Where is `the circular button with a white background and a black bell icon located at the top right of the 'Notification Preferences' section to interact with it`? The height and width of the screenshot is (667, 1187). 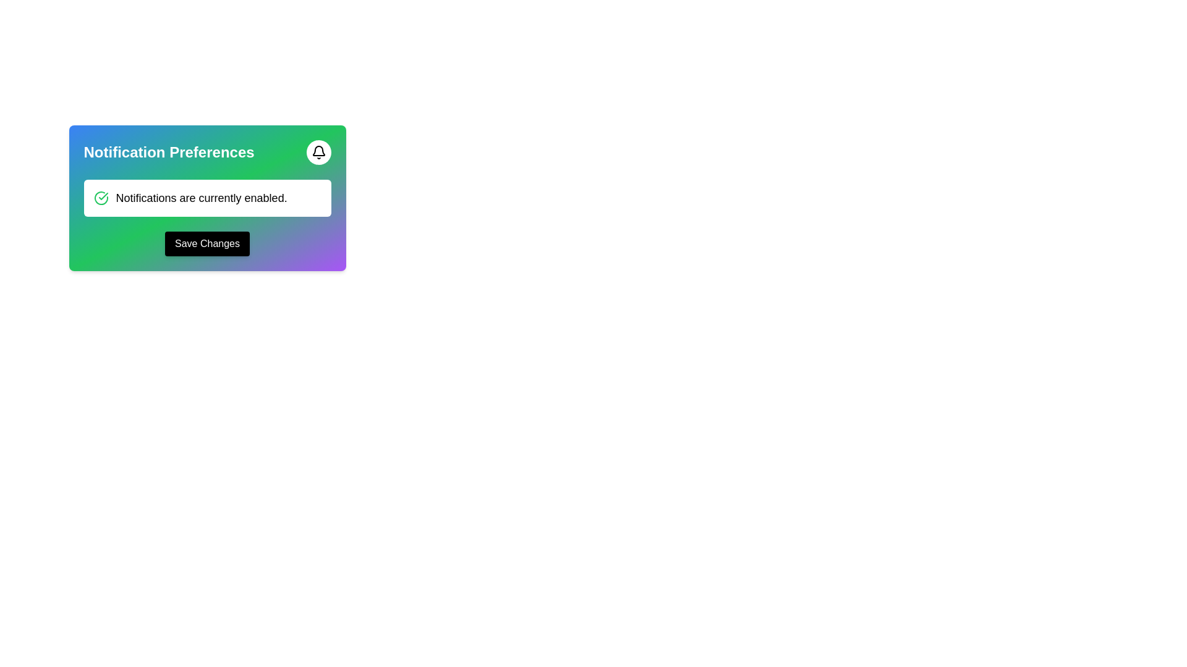
the circular button with a white background and a black bell icon located at the top right of the 'Notification Preferences' section to interact with it is located at coordinates (318, 151).